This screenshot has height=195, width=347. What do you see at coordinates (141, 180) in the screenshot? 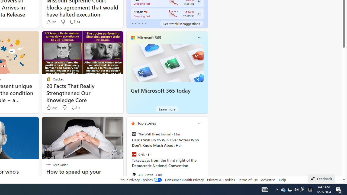
I see `'Your Privacy Choices'` at bounding box center [141, 180].